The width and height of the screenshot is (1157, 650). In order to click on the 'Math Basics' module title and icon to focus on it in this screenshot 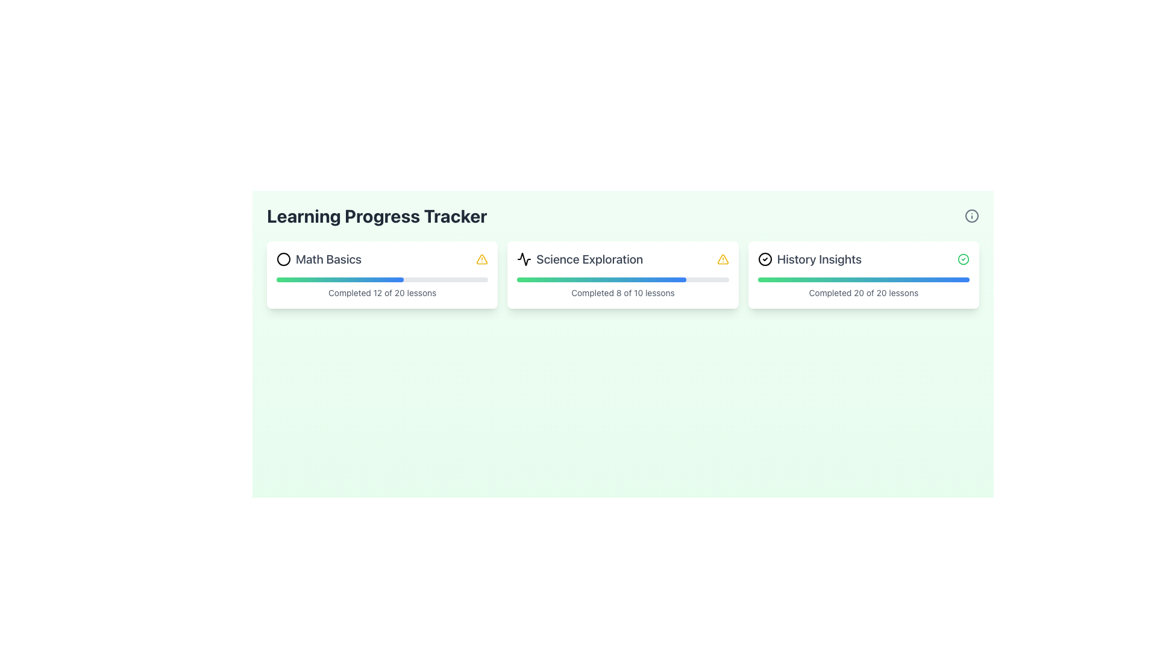, I will do `click(319, 259)`.